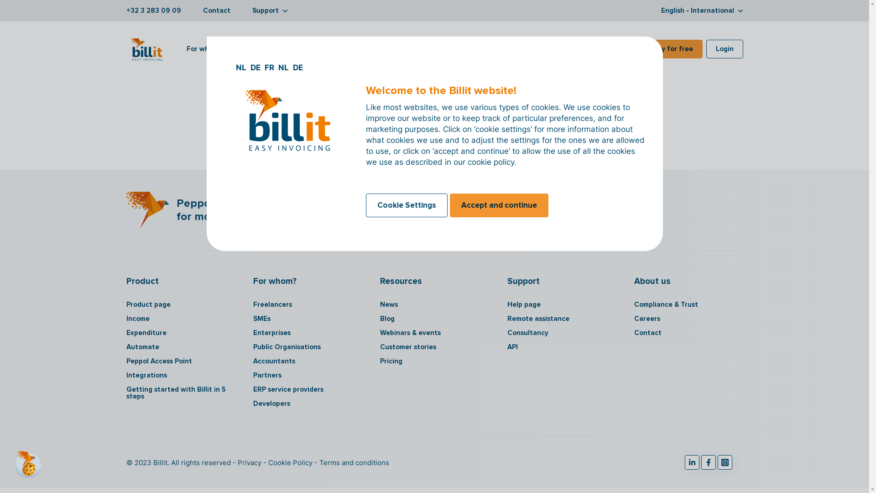 Image resolution: width=876 pixels, height=493 pixels. What do you see at coordinates (269, 10) in the screenshot?
I see `'Support'` at bounding box center [269, 10].